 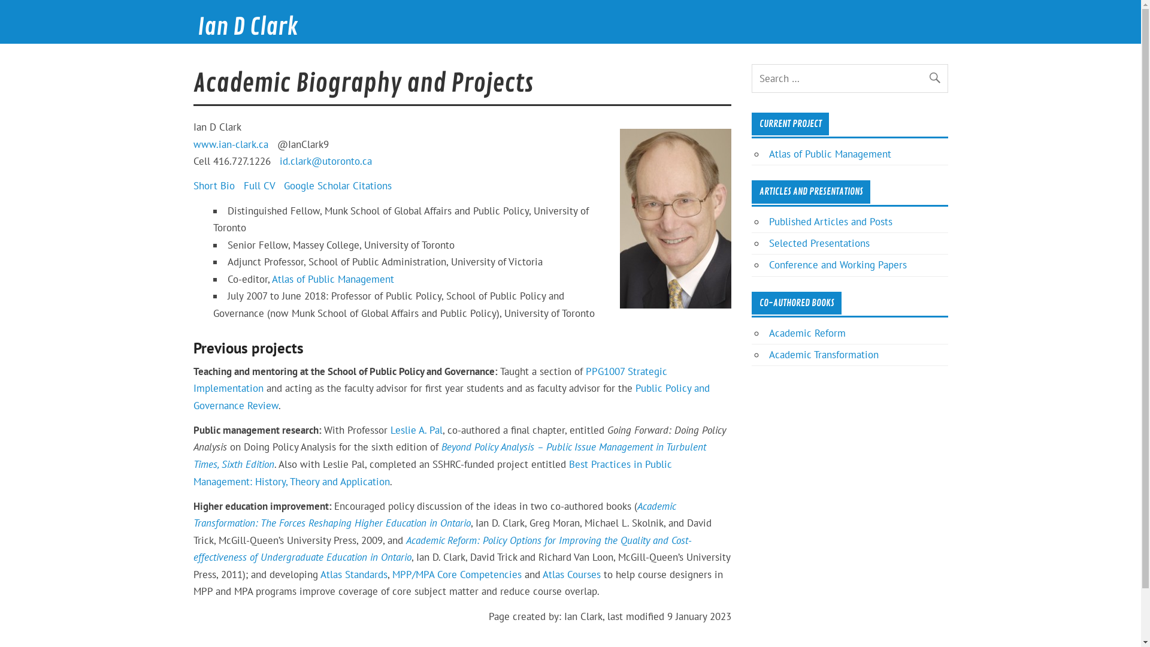 What do you see at coordinates (337, 185) in the screenshot?
I see `'Google Scholar Citations'` at bounding box center [337, 185].